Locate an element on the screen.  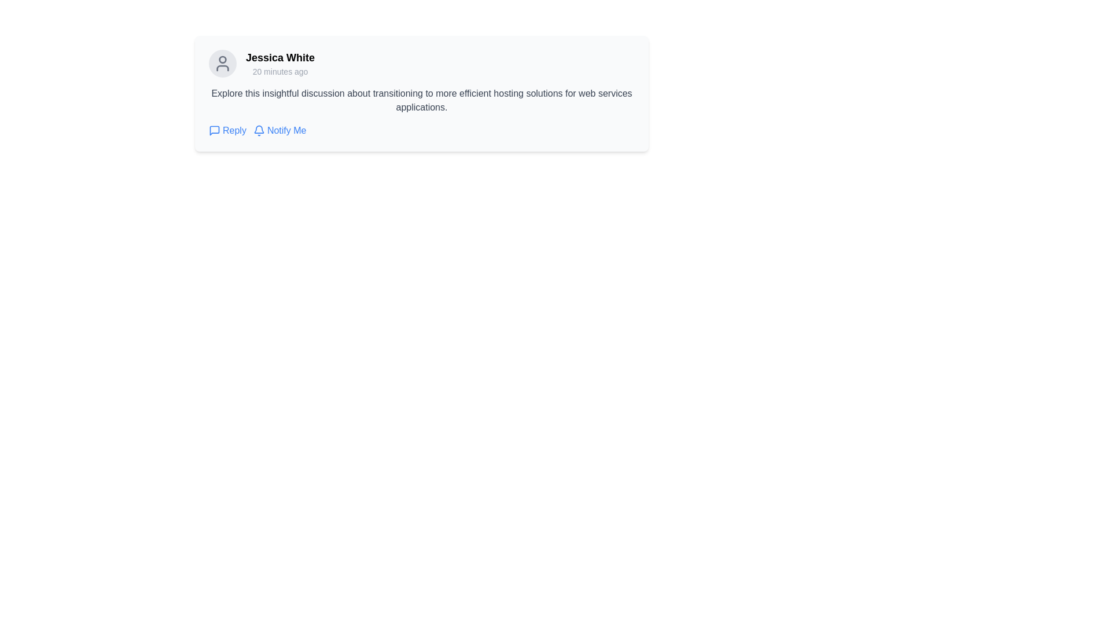
the user profile icon representing 'Jessica White' in the upper-left corner of the card interface is located at coordinates (222, 64).